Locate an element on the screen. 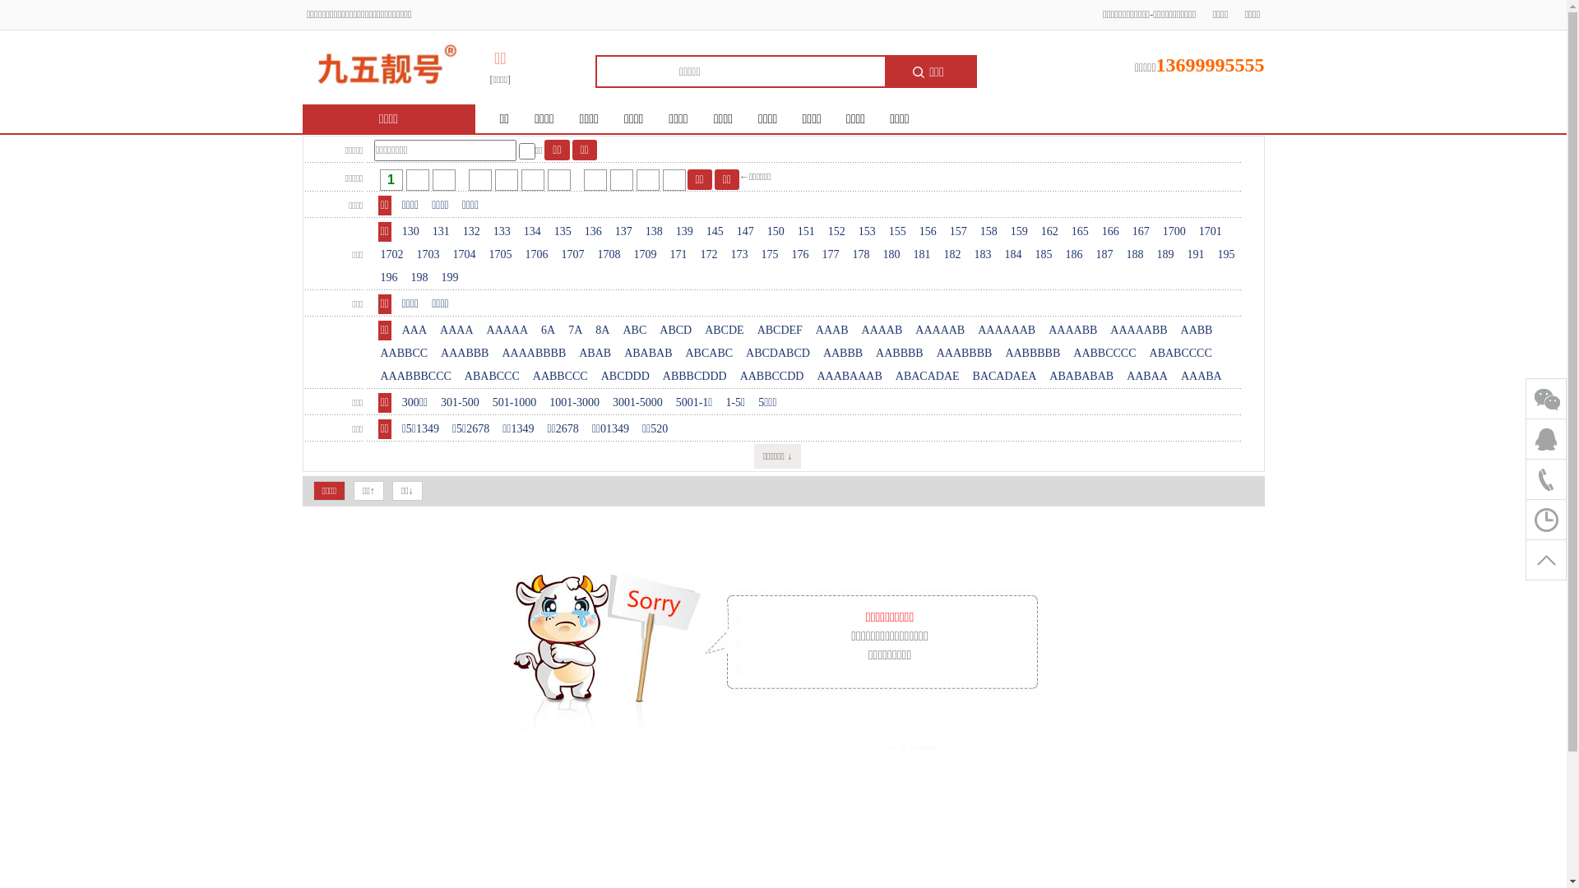  'AABB' is located at coordinates (1197, 330).